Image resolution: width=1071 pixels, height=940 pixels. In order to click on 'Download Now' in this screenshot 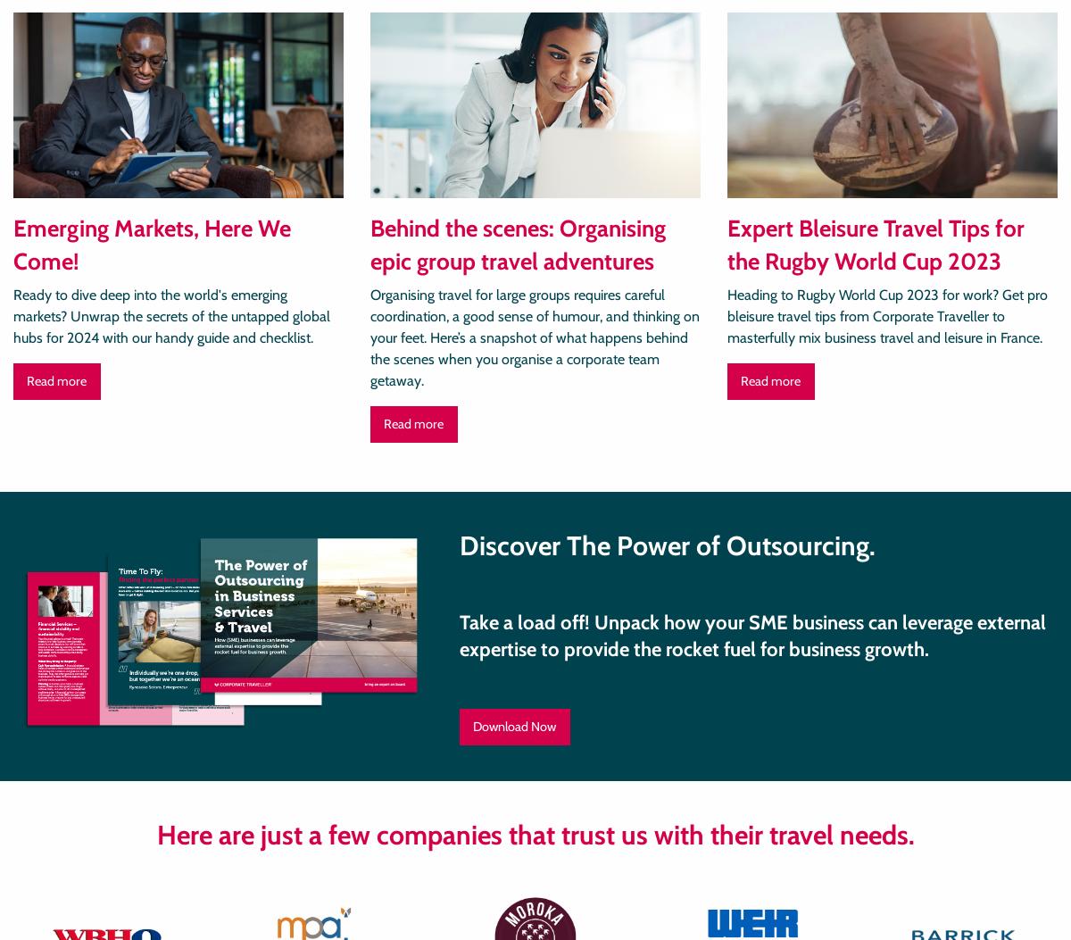, I will do `click(513, 726)`.